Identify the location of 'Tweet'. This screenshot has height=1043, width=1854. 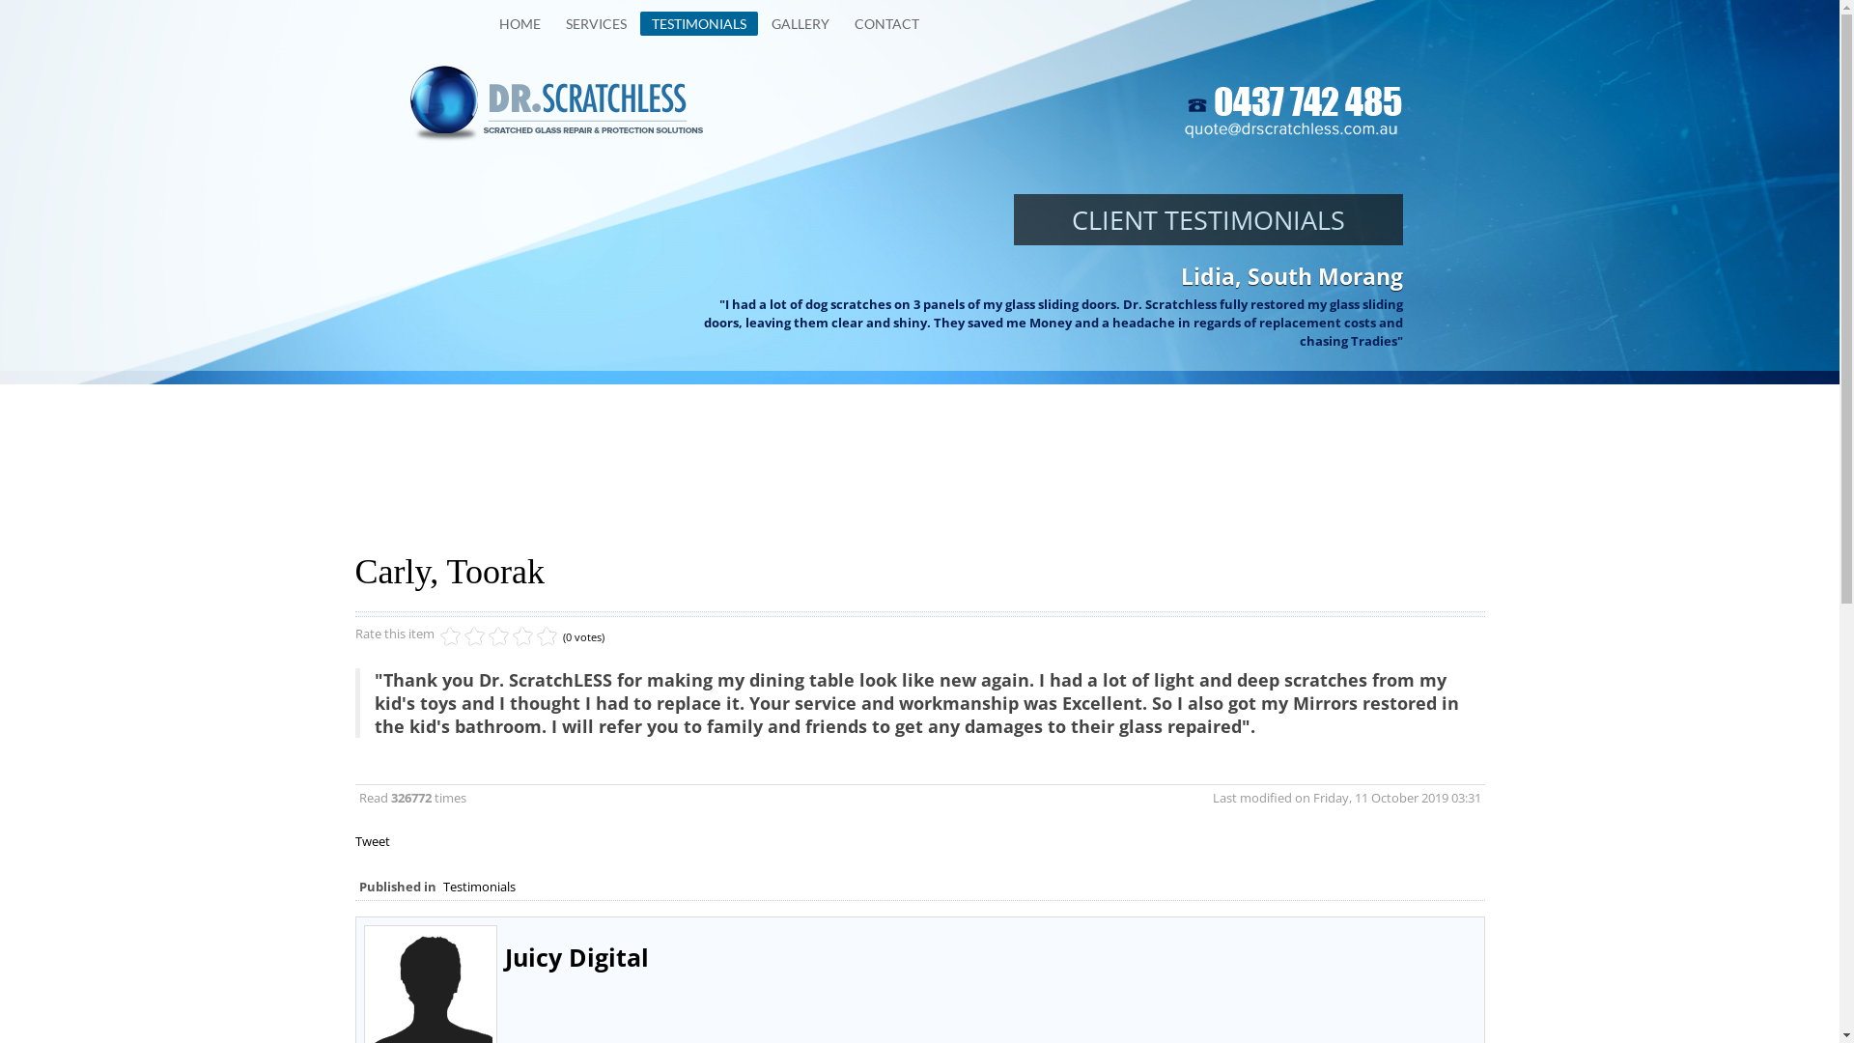
(355, 840).